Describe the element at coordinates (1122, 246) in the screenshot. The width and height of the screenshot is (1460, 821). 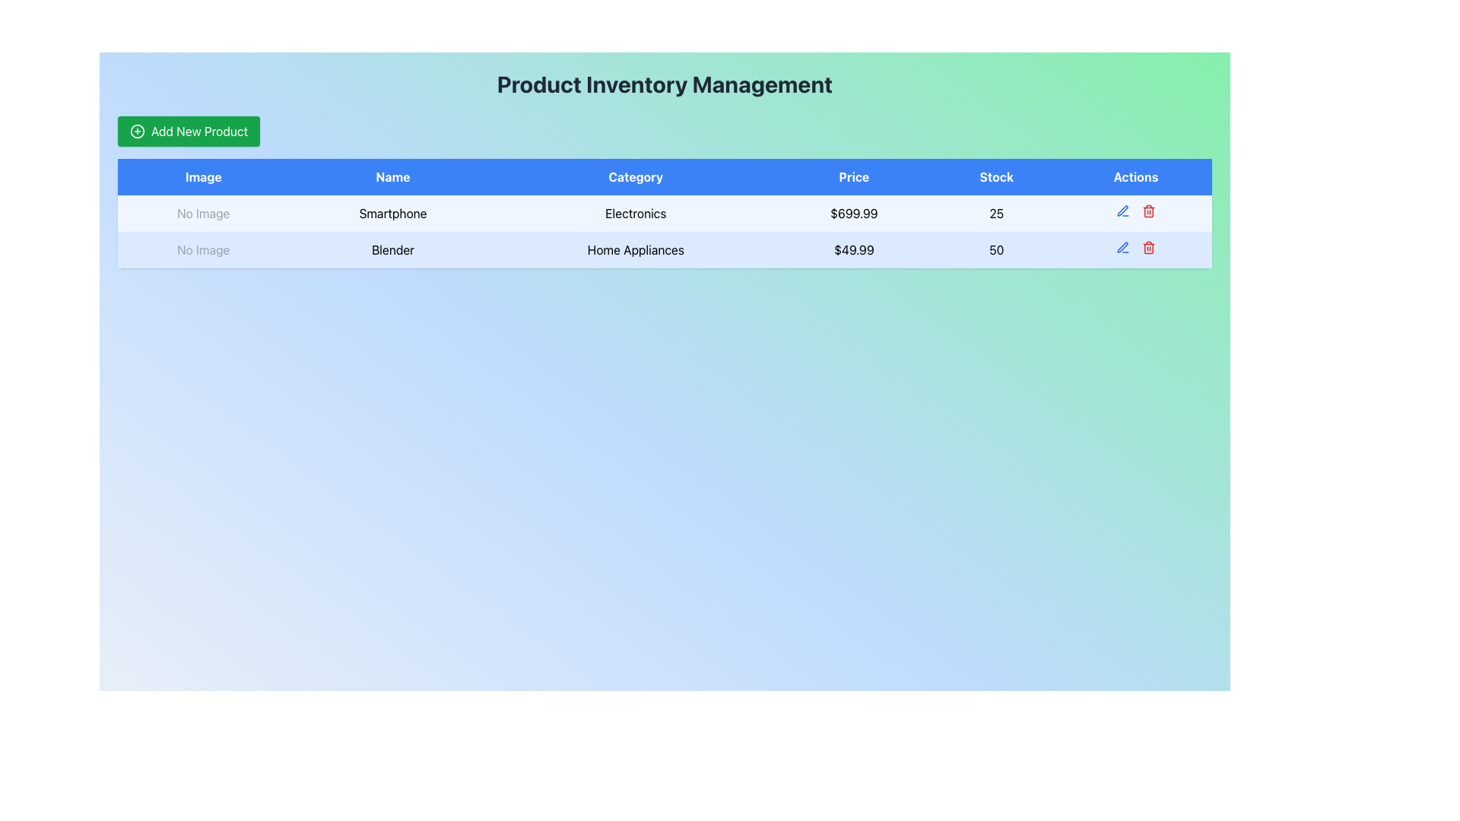
I see `the pen icon in the 'Actions' column of the second row of the table to initiate an edit action` at that location.